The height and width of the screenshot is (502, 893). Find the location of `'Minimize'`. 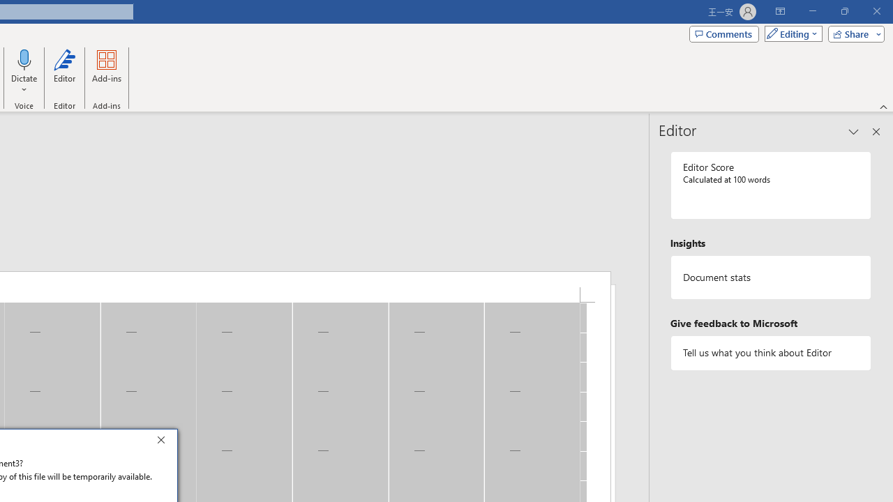

'Minimize' is located at coordinates (812, 11).